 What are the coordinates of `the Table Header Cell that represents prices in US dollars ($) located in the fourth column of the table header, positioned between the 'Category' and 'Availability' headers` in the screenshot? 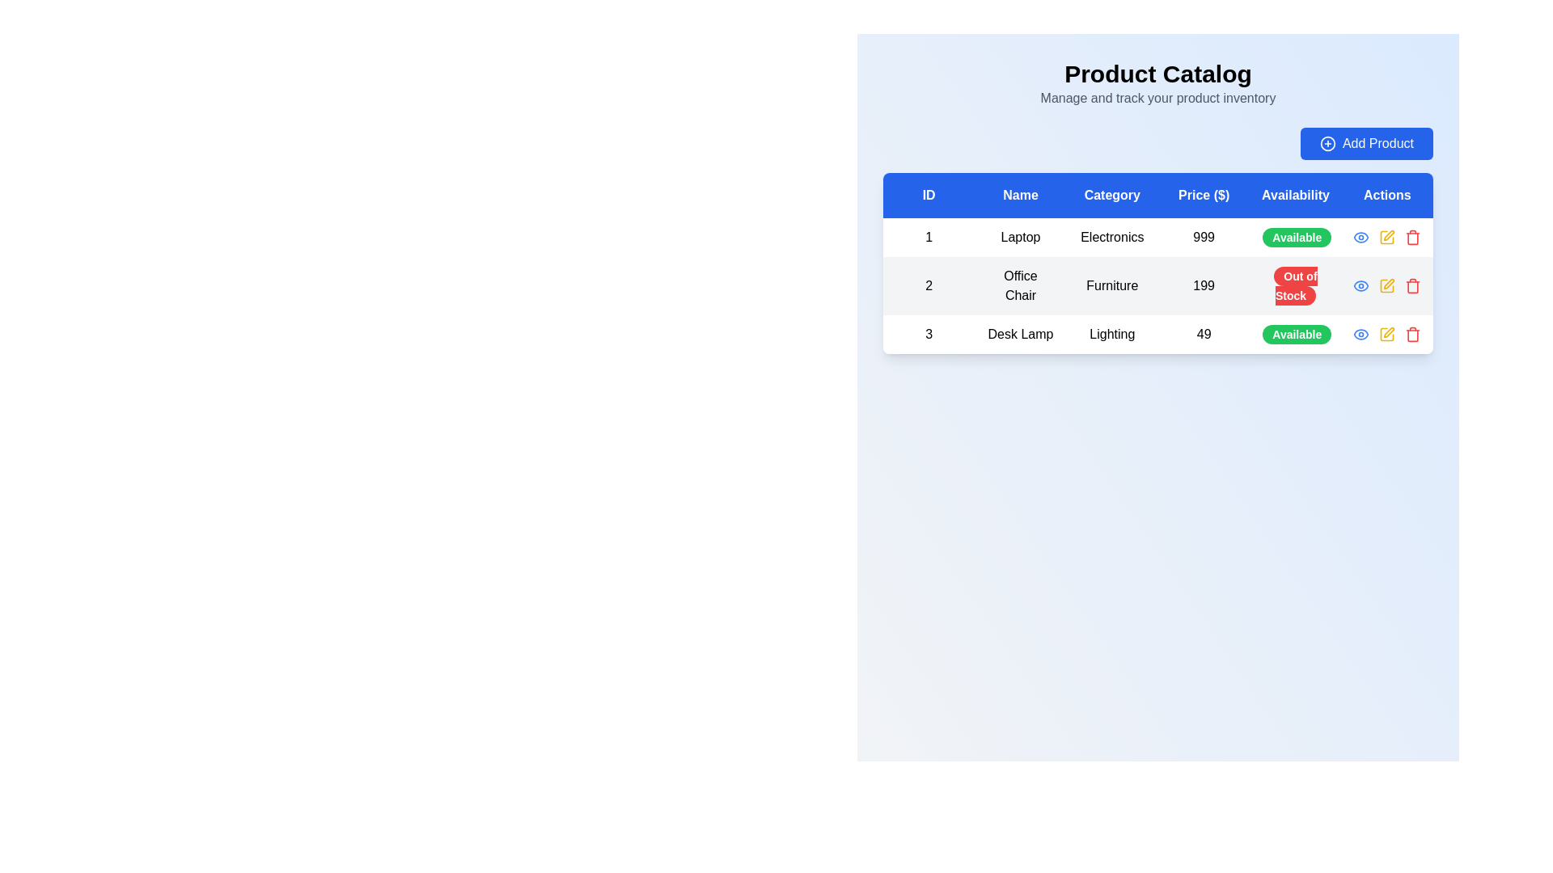 It's located at (1204, 195).